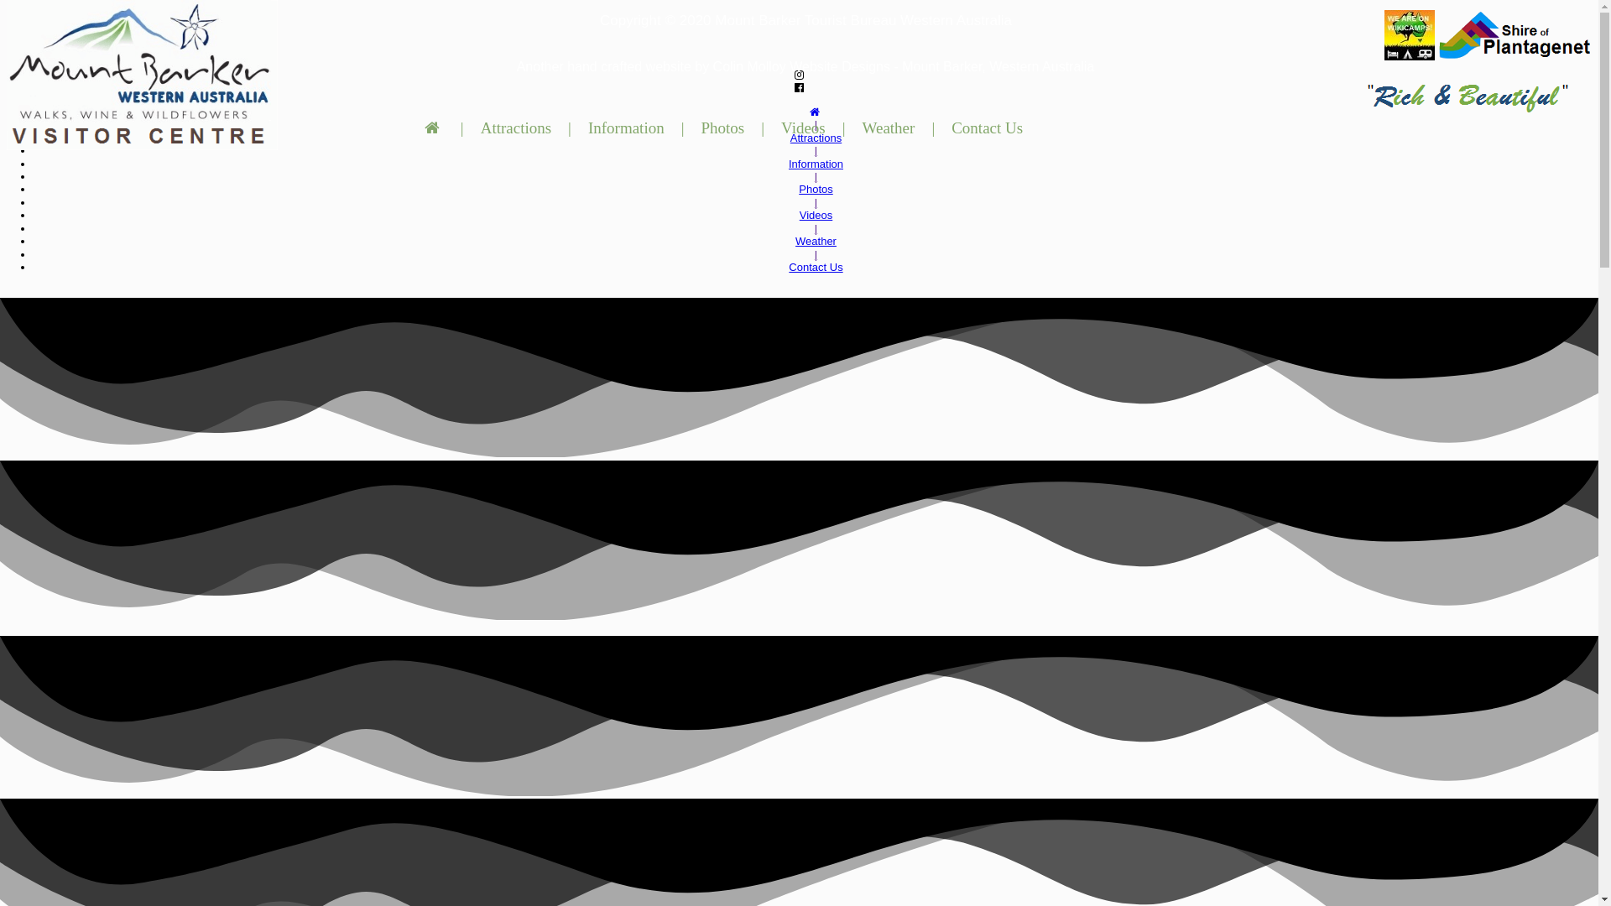 Image resolution: width=1611 pixels, height=906 pixels. I want to click on 'Contact Us', so click(815, 266).